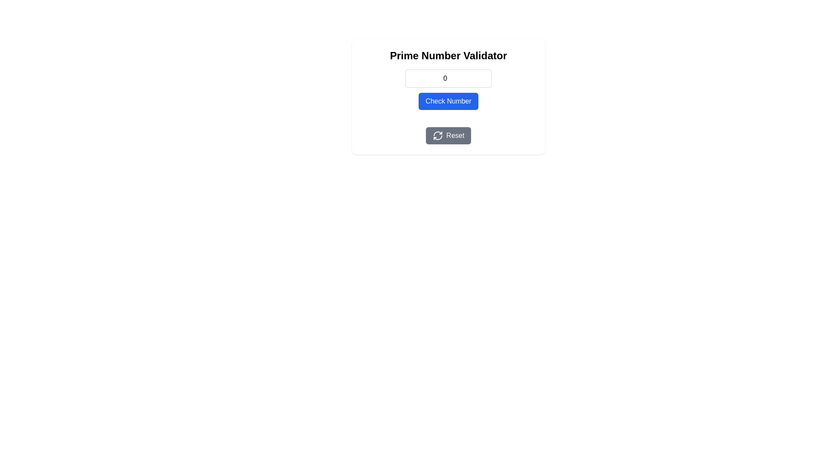 The width and height of the screenshot is (826, 464). Describe the element at coordinates (438, 135) in the screenshot. I see `the 'Reset' icon located within the gray 'Reset' button below the input field and 'Check Number' button to reset the form or state` at that location.